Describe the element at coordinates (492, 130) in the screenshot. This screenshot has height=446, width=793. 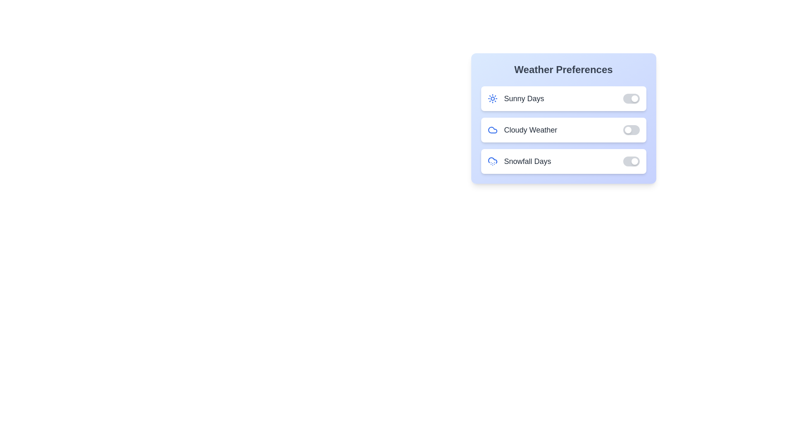
I see `the icon for Cloudy Weather to provide detailed information` at that location.